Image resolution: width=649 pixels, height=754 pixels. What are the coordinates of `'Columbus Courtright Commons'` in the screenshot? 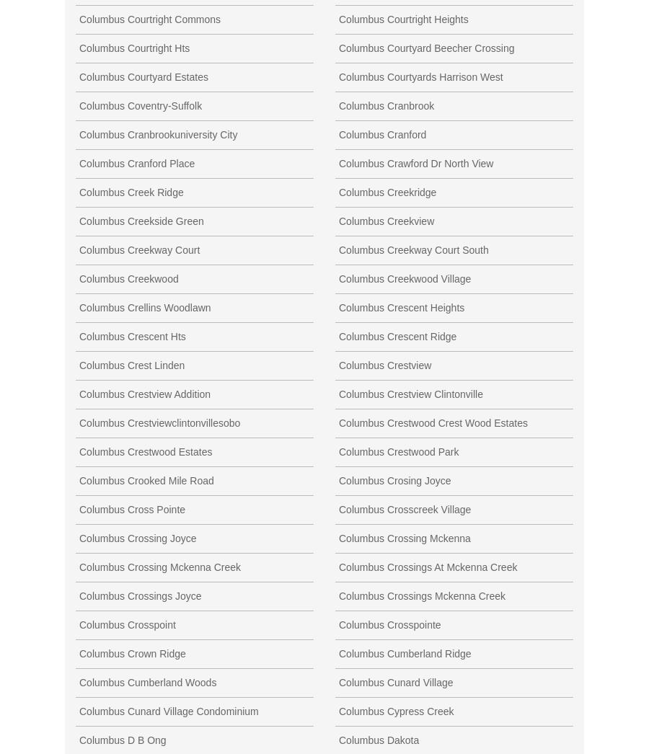 It's located at (149, 18).